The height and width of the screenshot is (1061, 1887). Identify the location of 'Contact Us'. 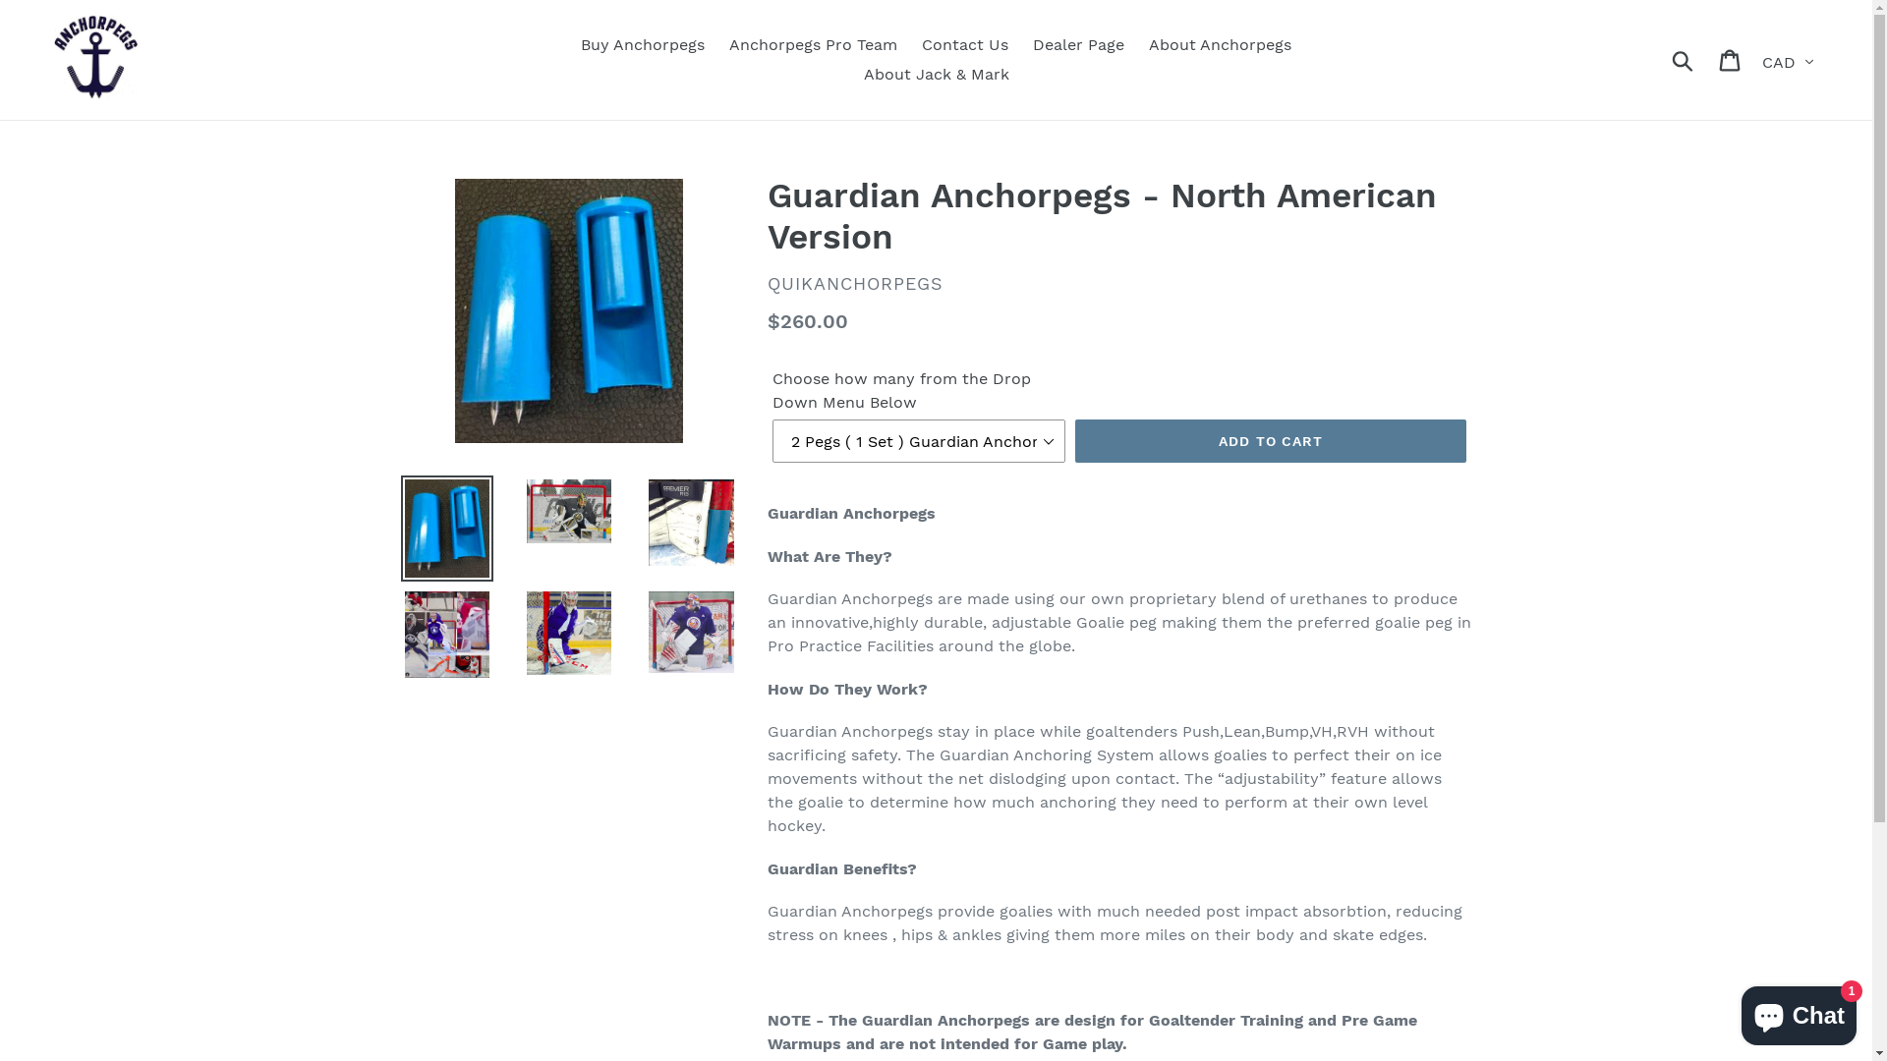
(965, 44).